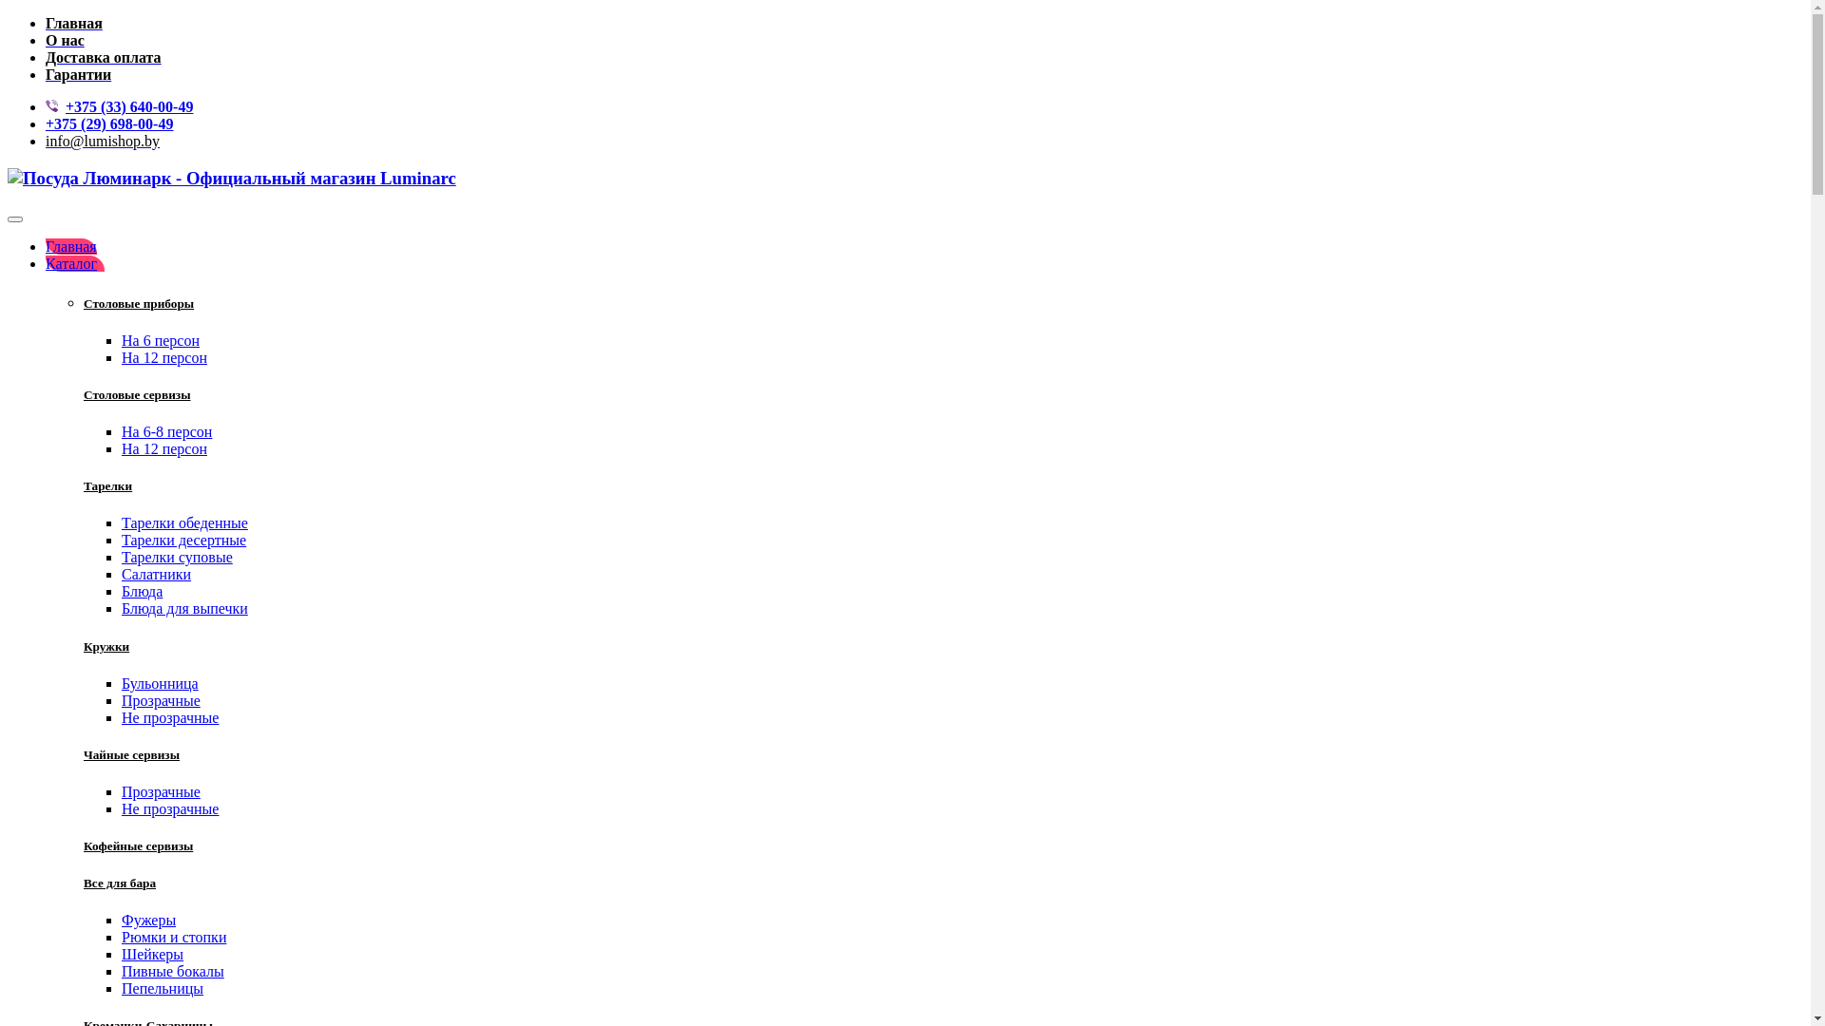 The height and width of the screenshot is (1026, 1825). Describe the element at coordinates (127, 106) in the screenshot. I see `'+375 (33) 640-00-49'` at that location.